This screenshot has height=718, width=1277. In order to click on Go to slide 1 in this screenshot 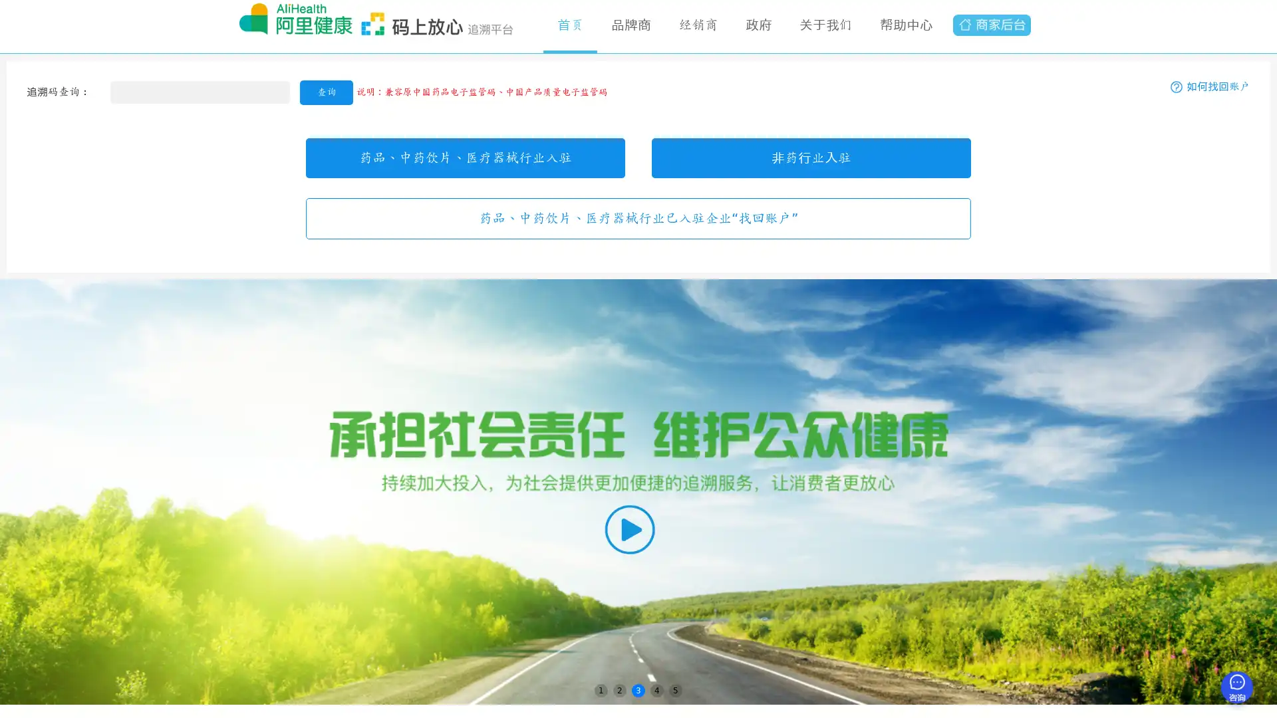, I will do `click(600, 689)`.